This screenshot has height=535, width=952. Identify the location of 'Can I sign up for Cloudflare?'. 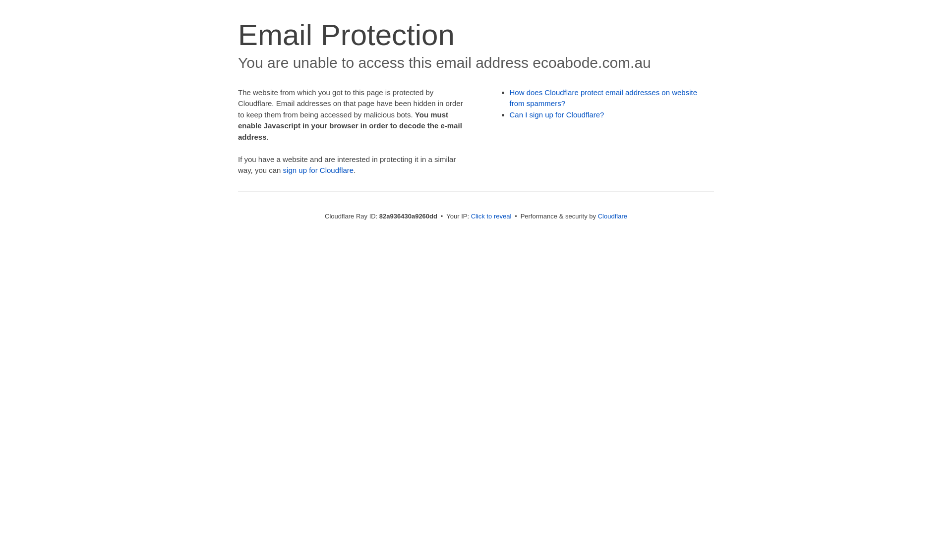
(557, 114).